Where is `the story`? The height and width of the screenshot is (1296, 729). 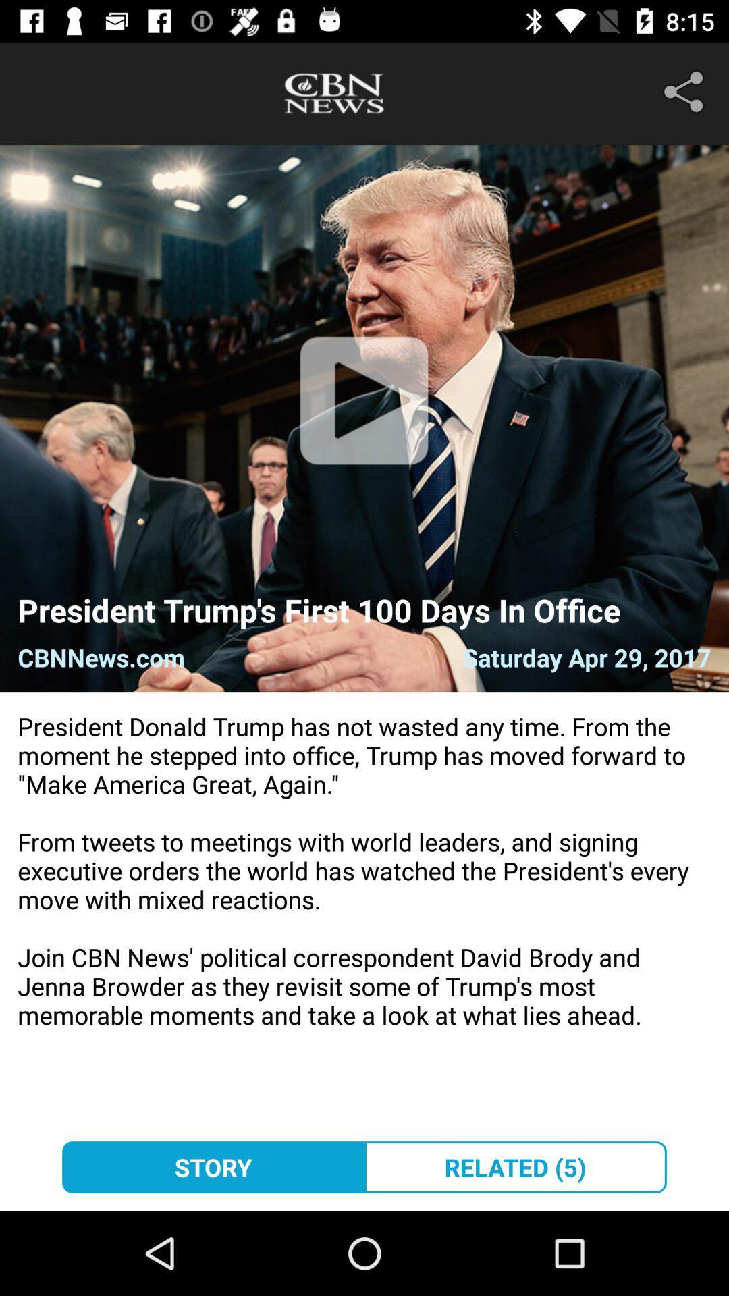 the story is located at coordinates (213, 1166).